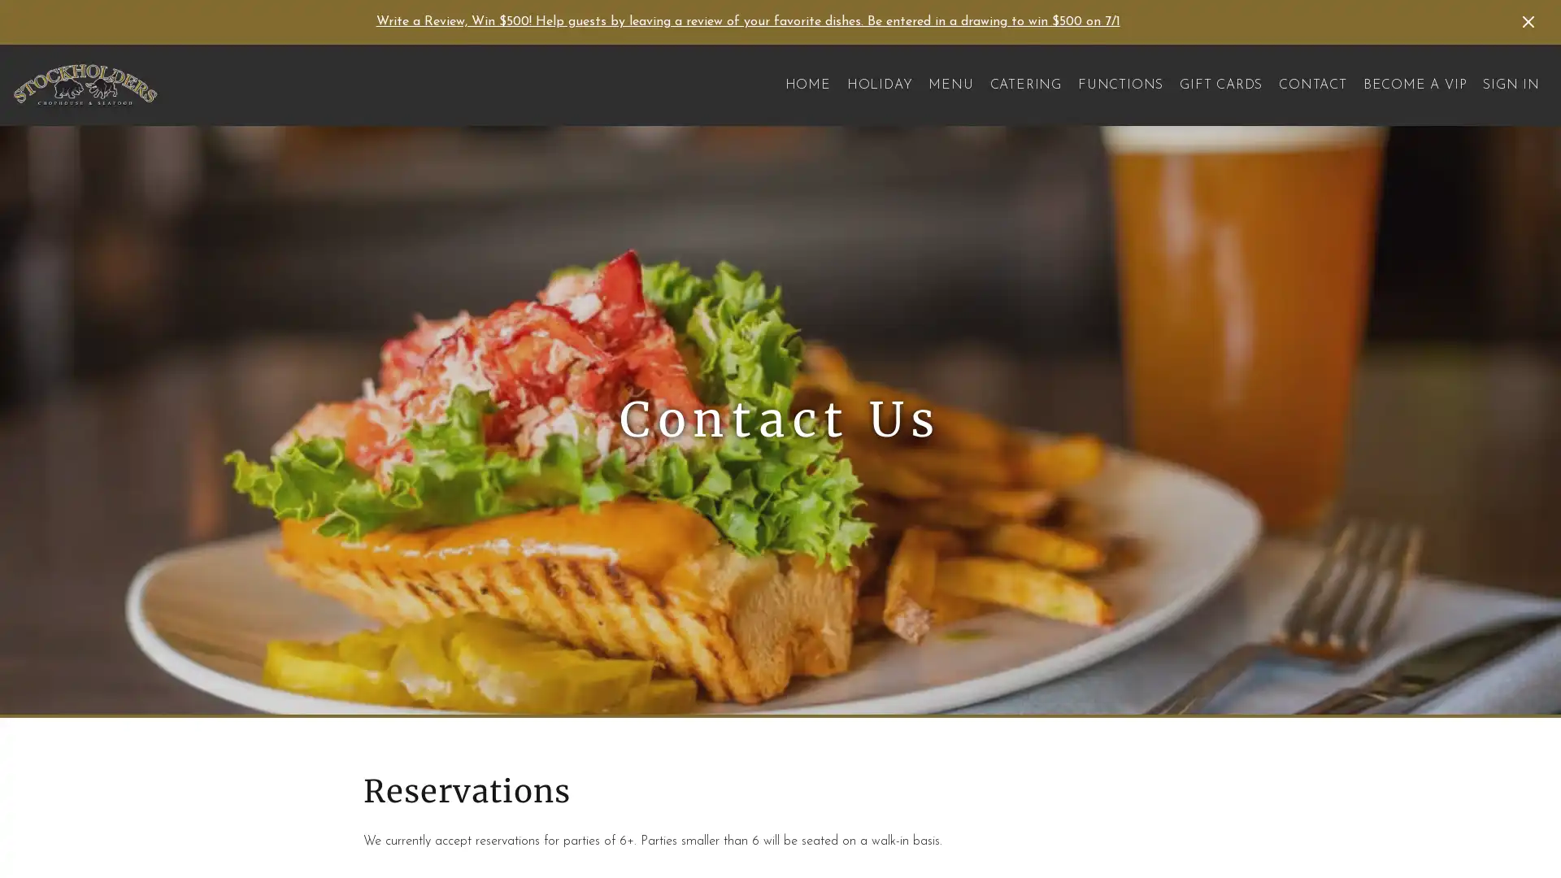  I want to click on SIGN IN, so click(1510, 85).